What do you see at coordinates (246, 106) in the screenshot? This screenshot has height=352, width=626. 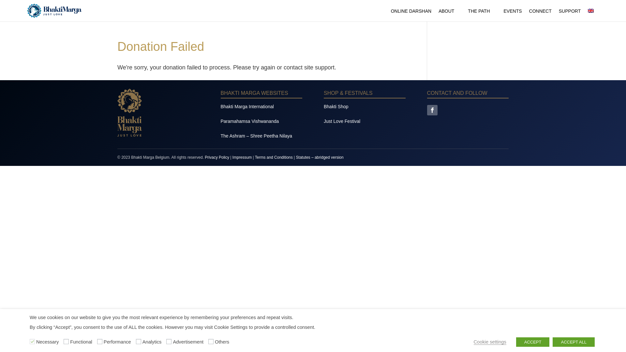 I see `'Bhakti Marga International'` at bounding box center [246, 106].